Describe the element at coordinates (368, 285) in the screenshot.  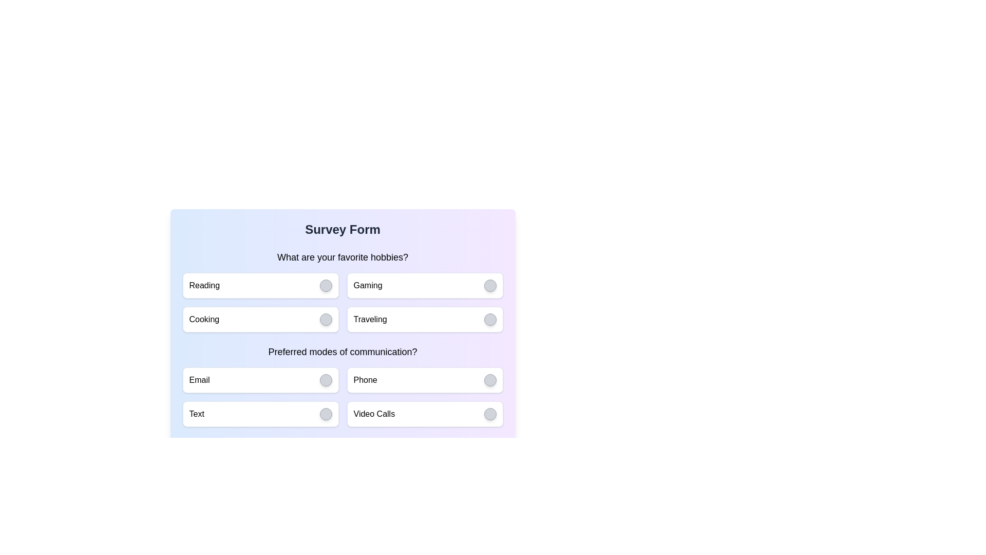
I see `the static text label indicating 'Gaming' in the survey form, which is positioned to the left of a circular interactive button` at that location.